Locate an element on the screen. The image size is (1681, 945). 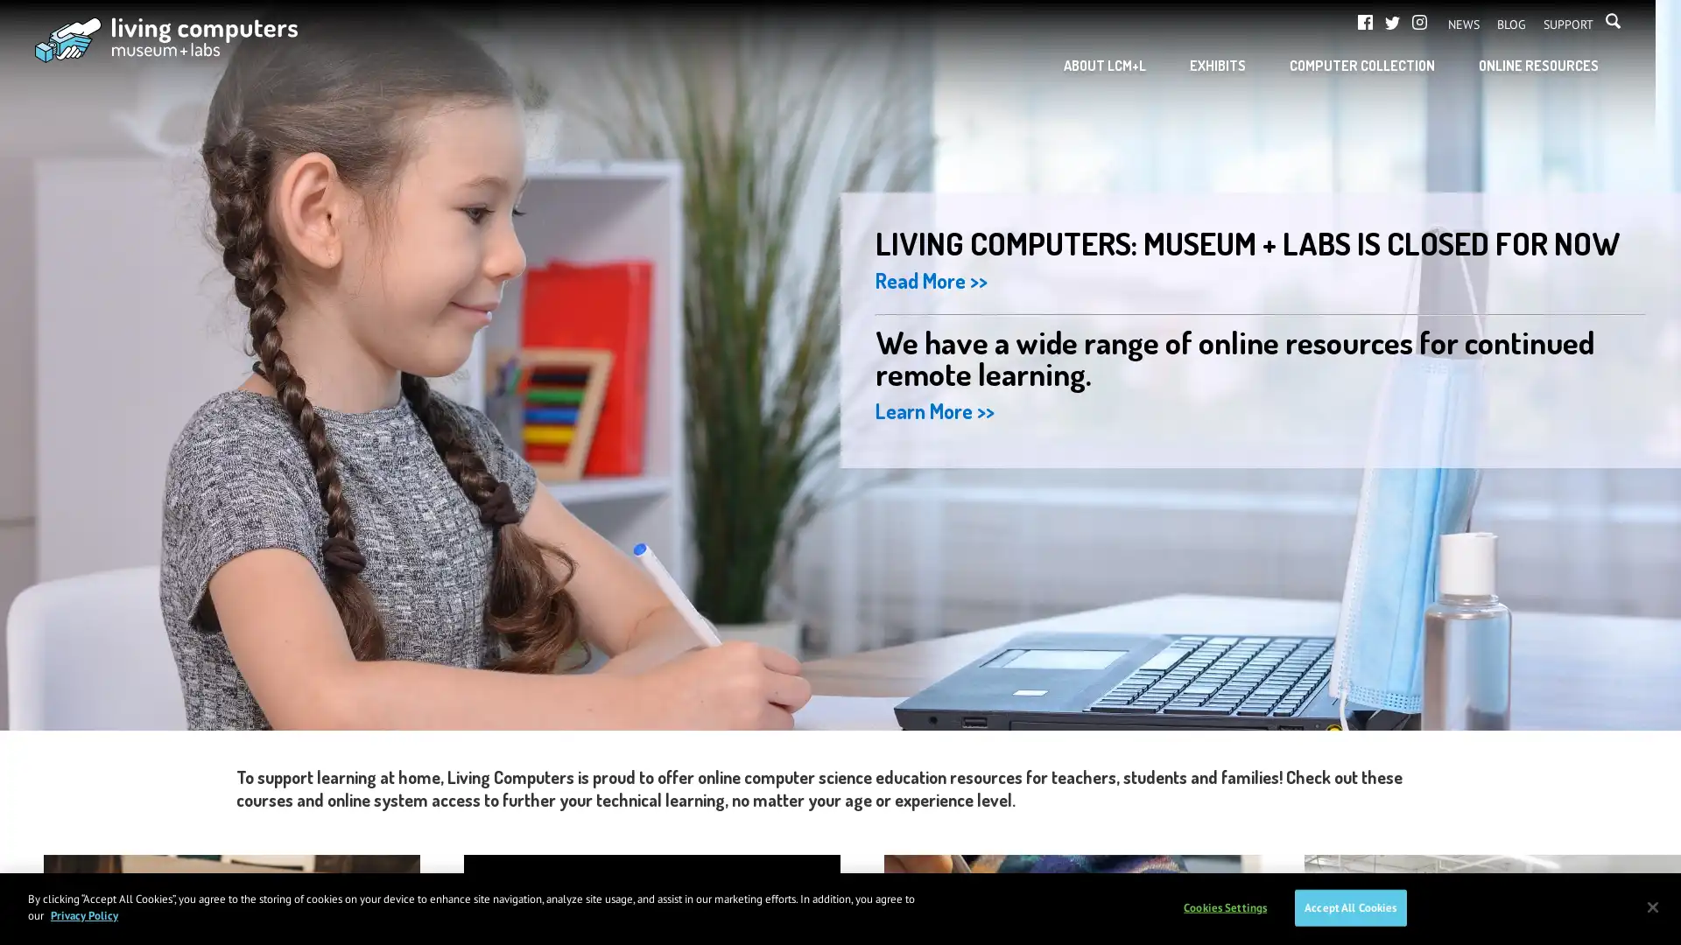
Close is located at coordinates (1651, 906).